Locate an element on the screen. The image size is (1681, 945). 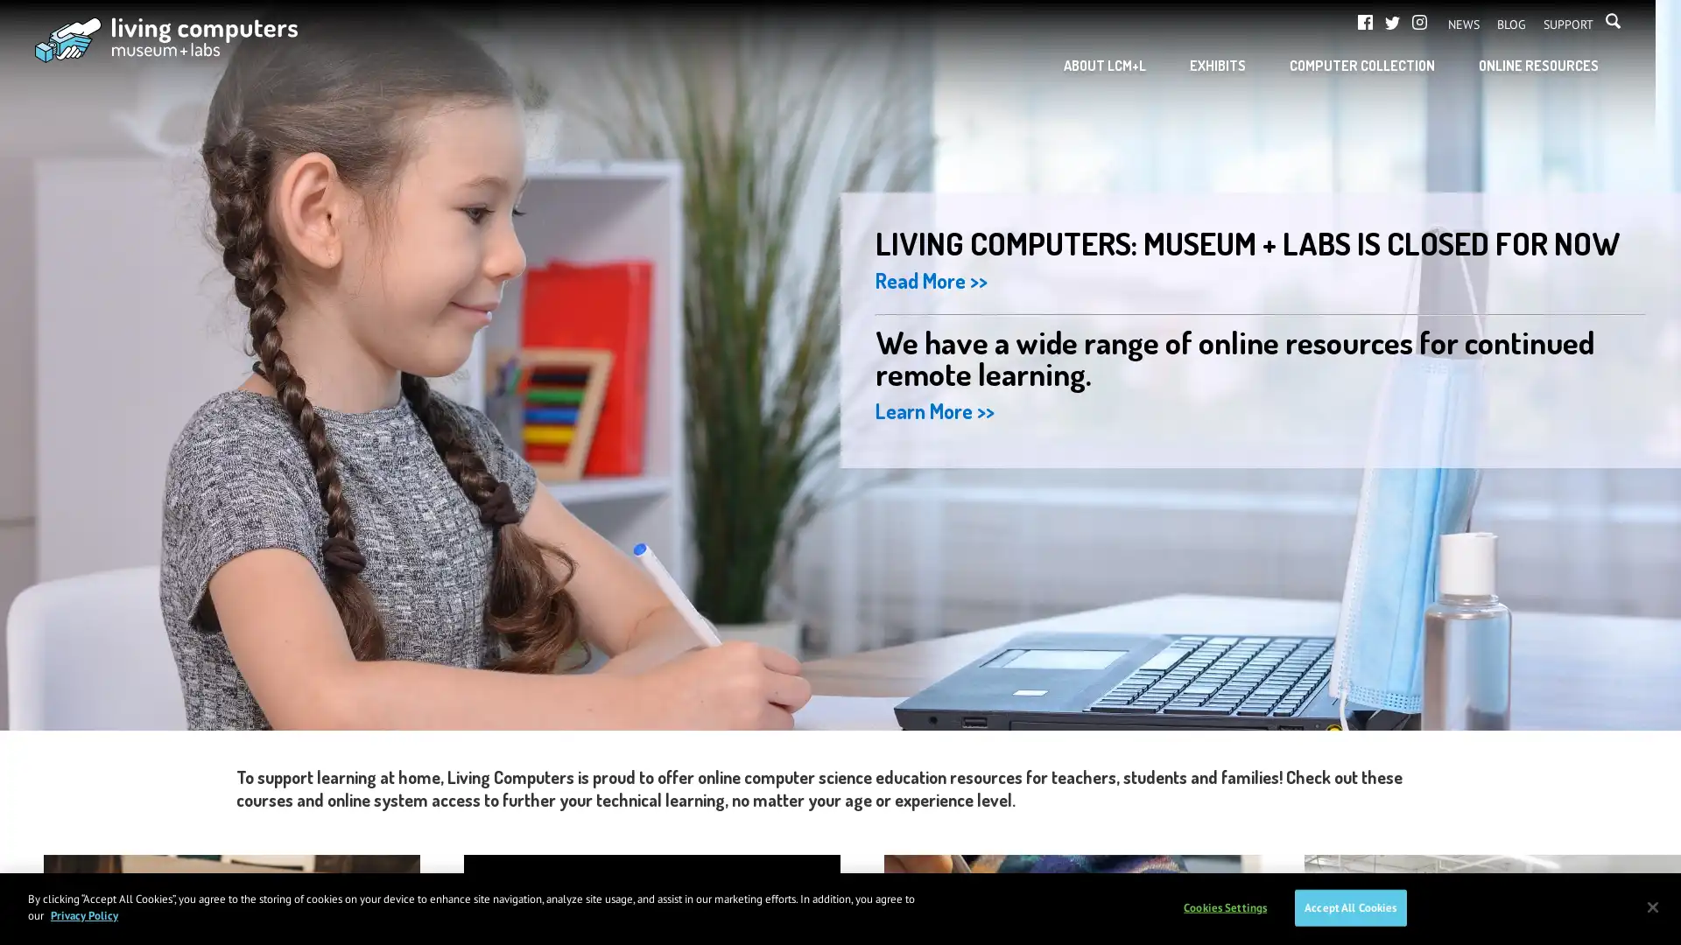
Close is located at coordinates (1651, 906).